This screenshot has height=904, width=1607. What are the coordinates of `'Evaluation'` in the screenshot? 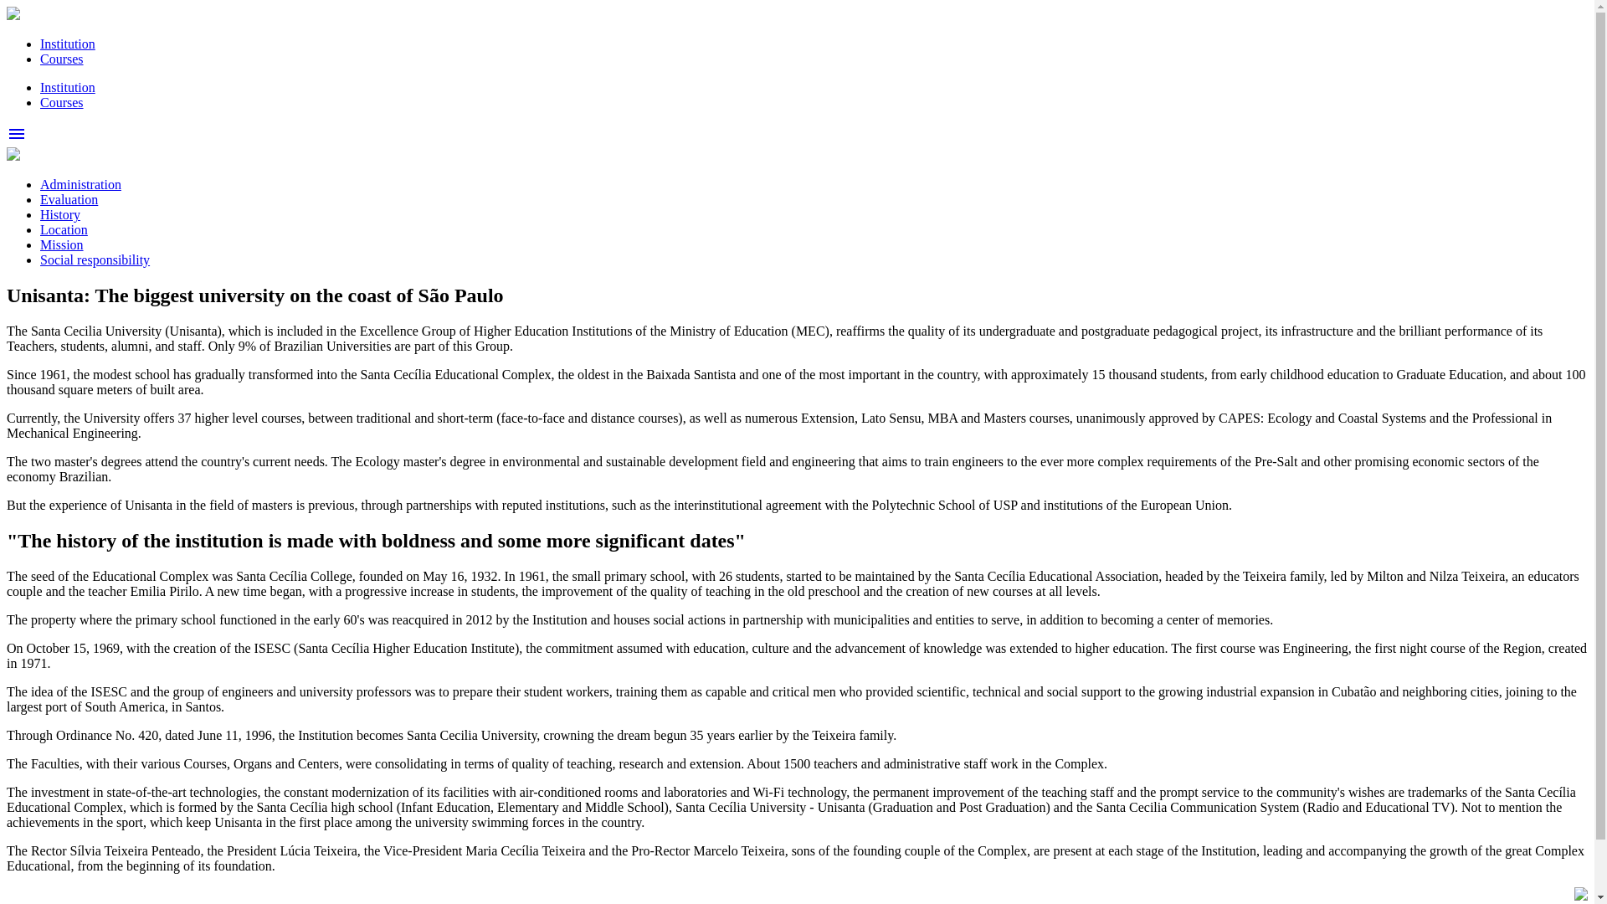 It's located at (68, 198).